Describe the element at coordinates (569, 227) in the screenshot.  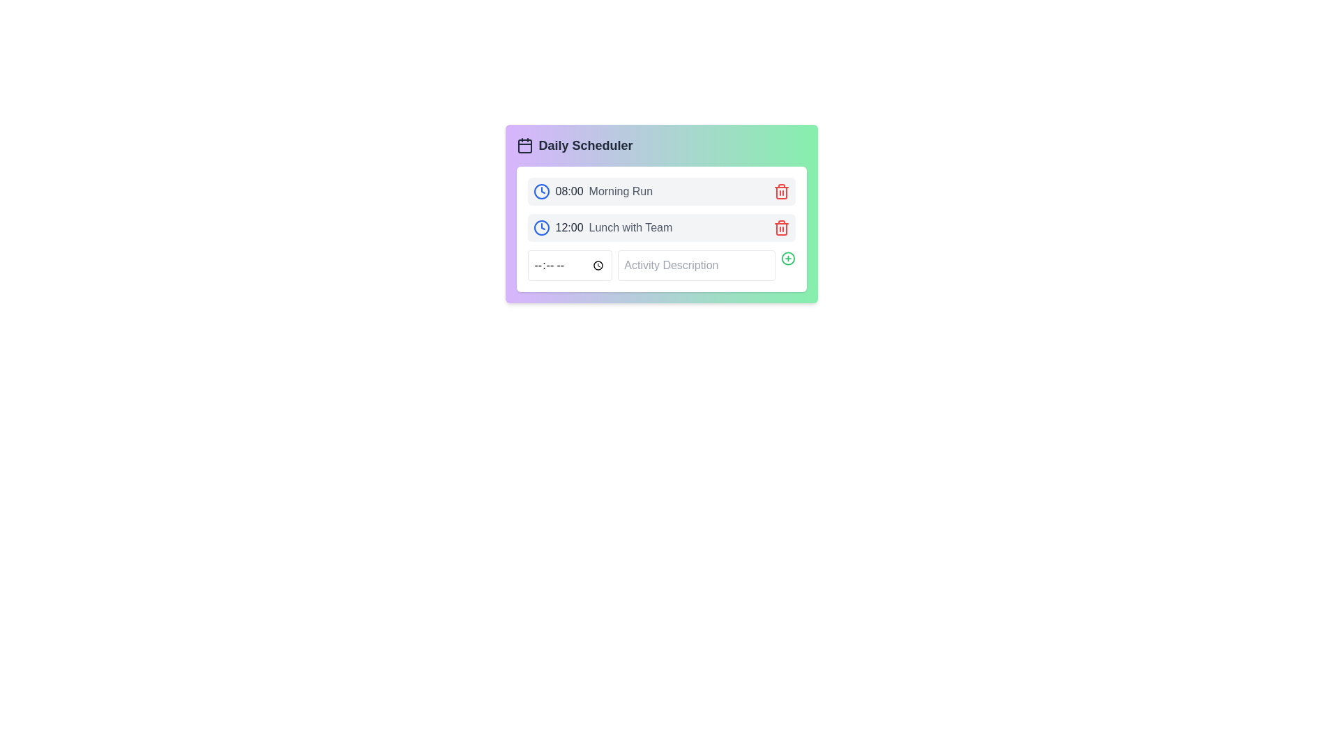
I see `the time label displaying '12:00' in bold, dark gray color, which is part of the 'Lunch with Team' event in the schedule list` at that location.